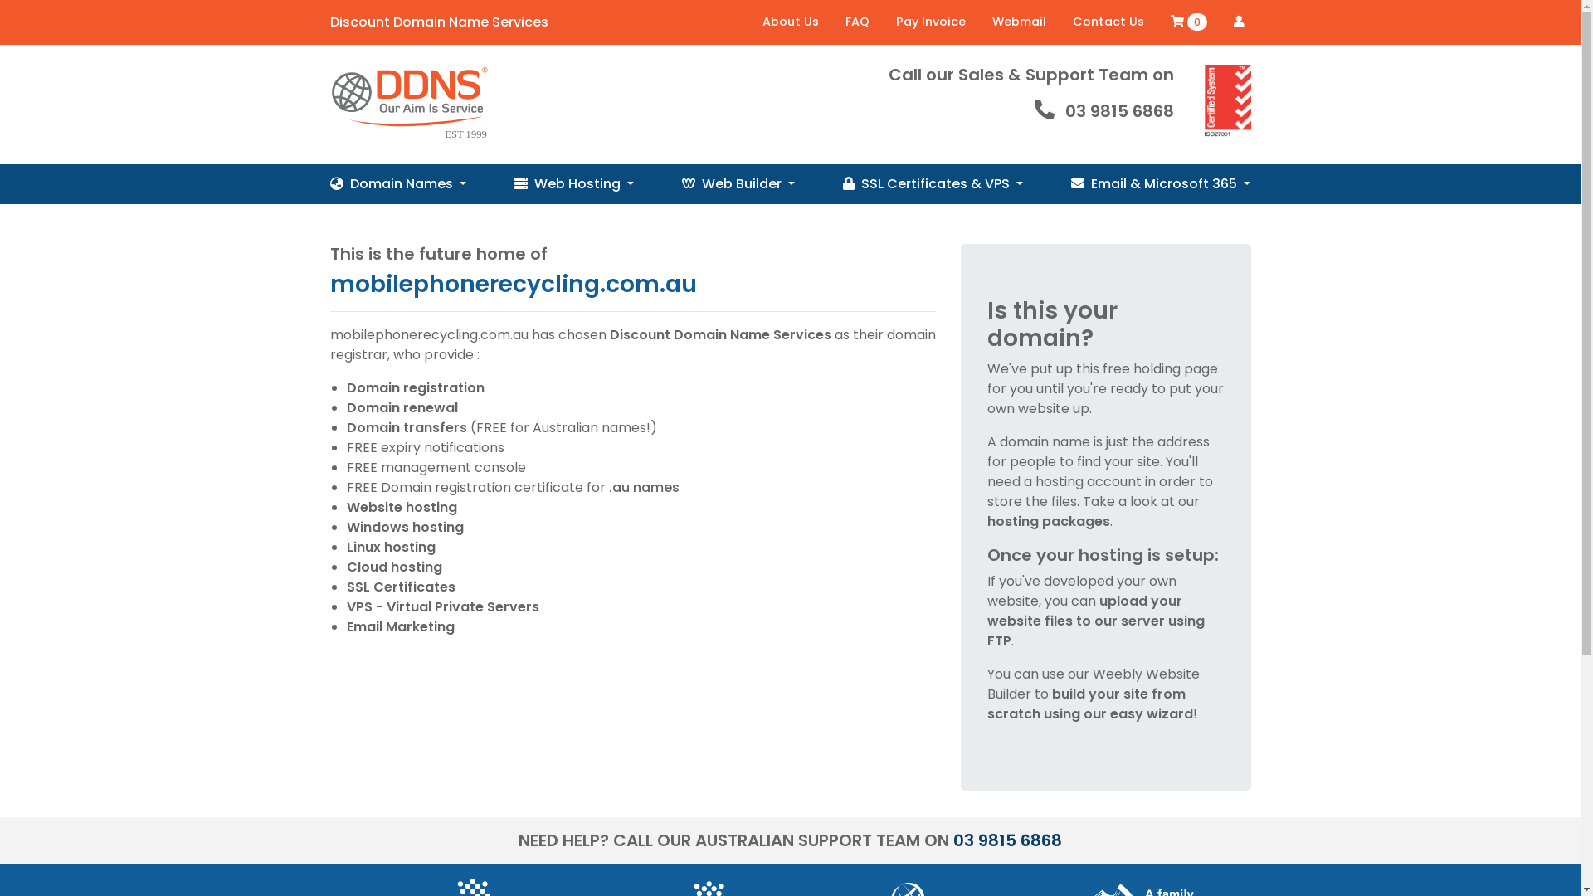 The image size is (1593, 896). I want to click on 'About Us', so click(788, 22).